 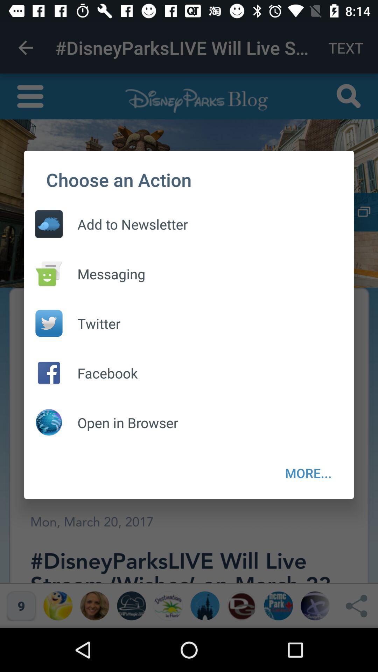 What do you see at coordinates (125, 224) in the screenshot?
I see `the add to newsletter item` at bounding box center [125, 224].